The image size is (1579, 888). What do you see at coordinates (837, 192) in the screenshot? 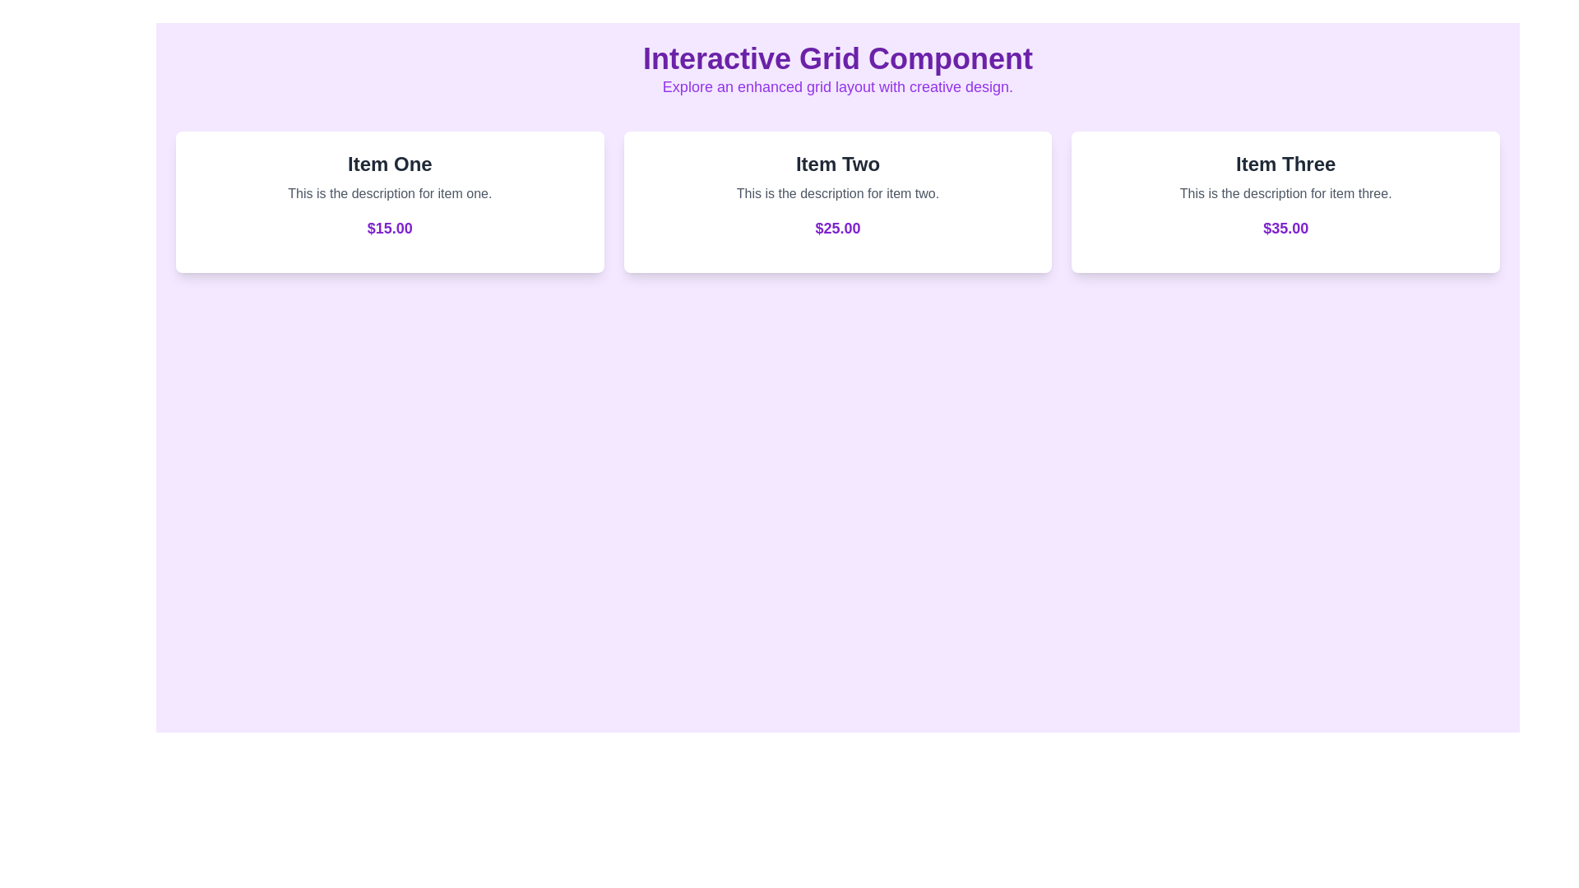
I see `the text label reading 'This is the description for item two.' which is styled in light gray and located below the header 'Item Two' in the middle card of a three-card grid` at bounding box center [837, 192].